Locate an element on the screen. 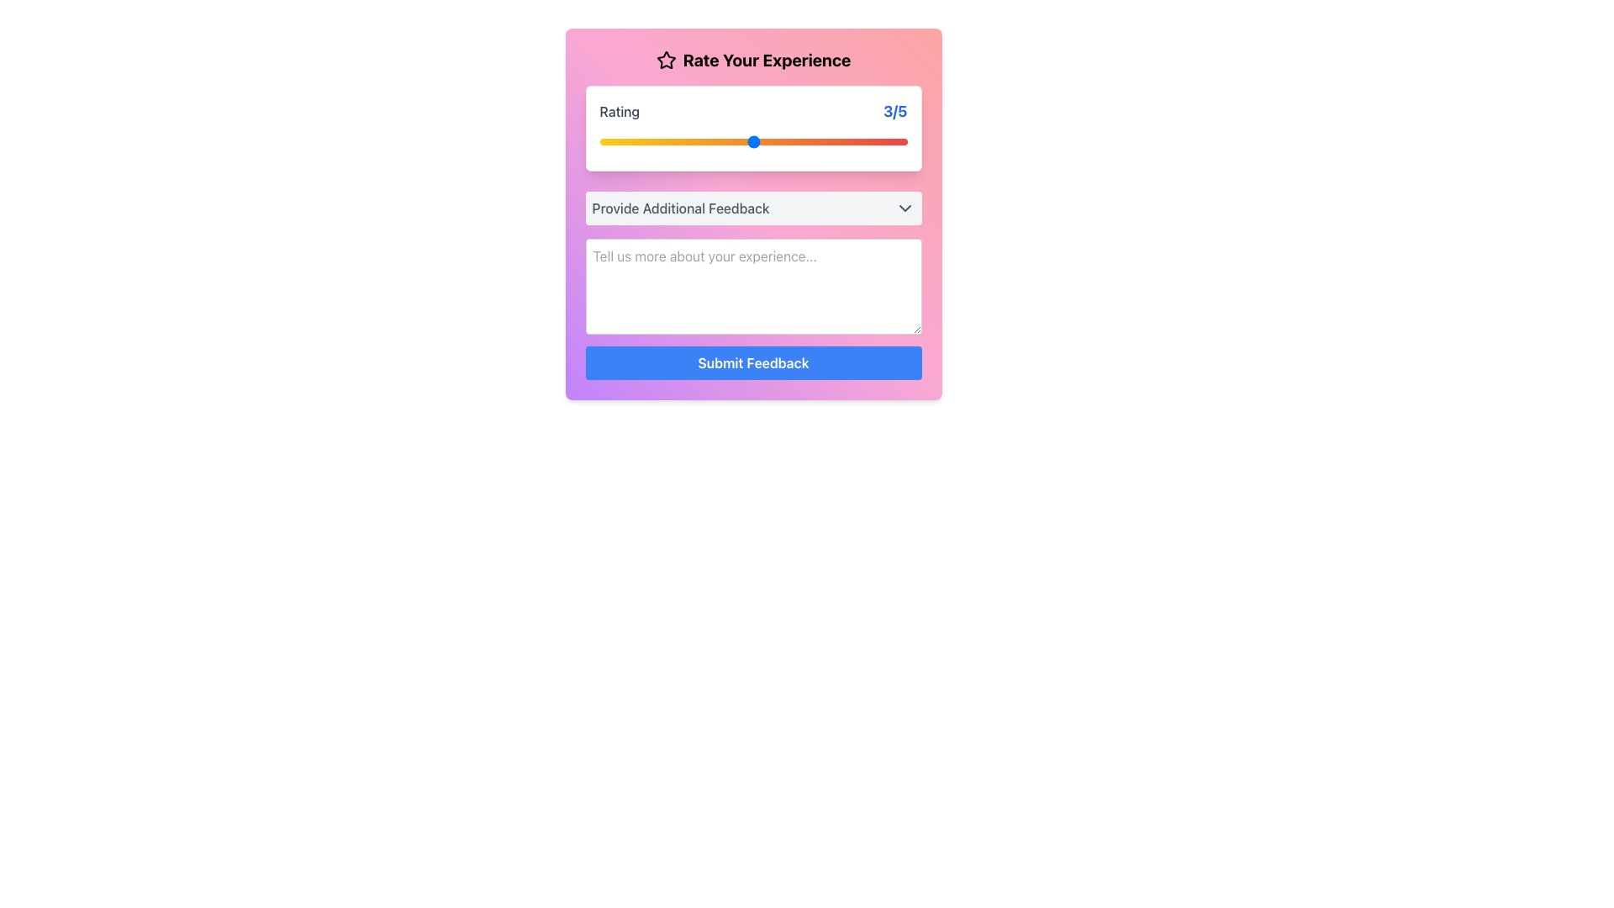 This screenshot has height=908, width=1614. the slider is located at coordinates (677, 141).